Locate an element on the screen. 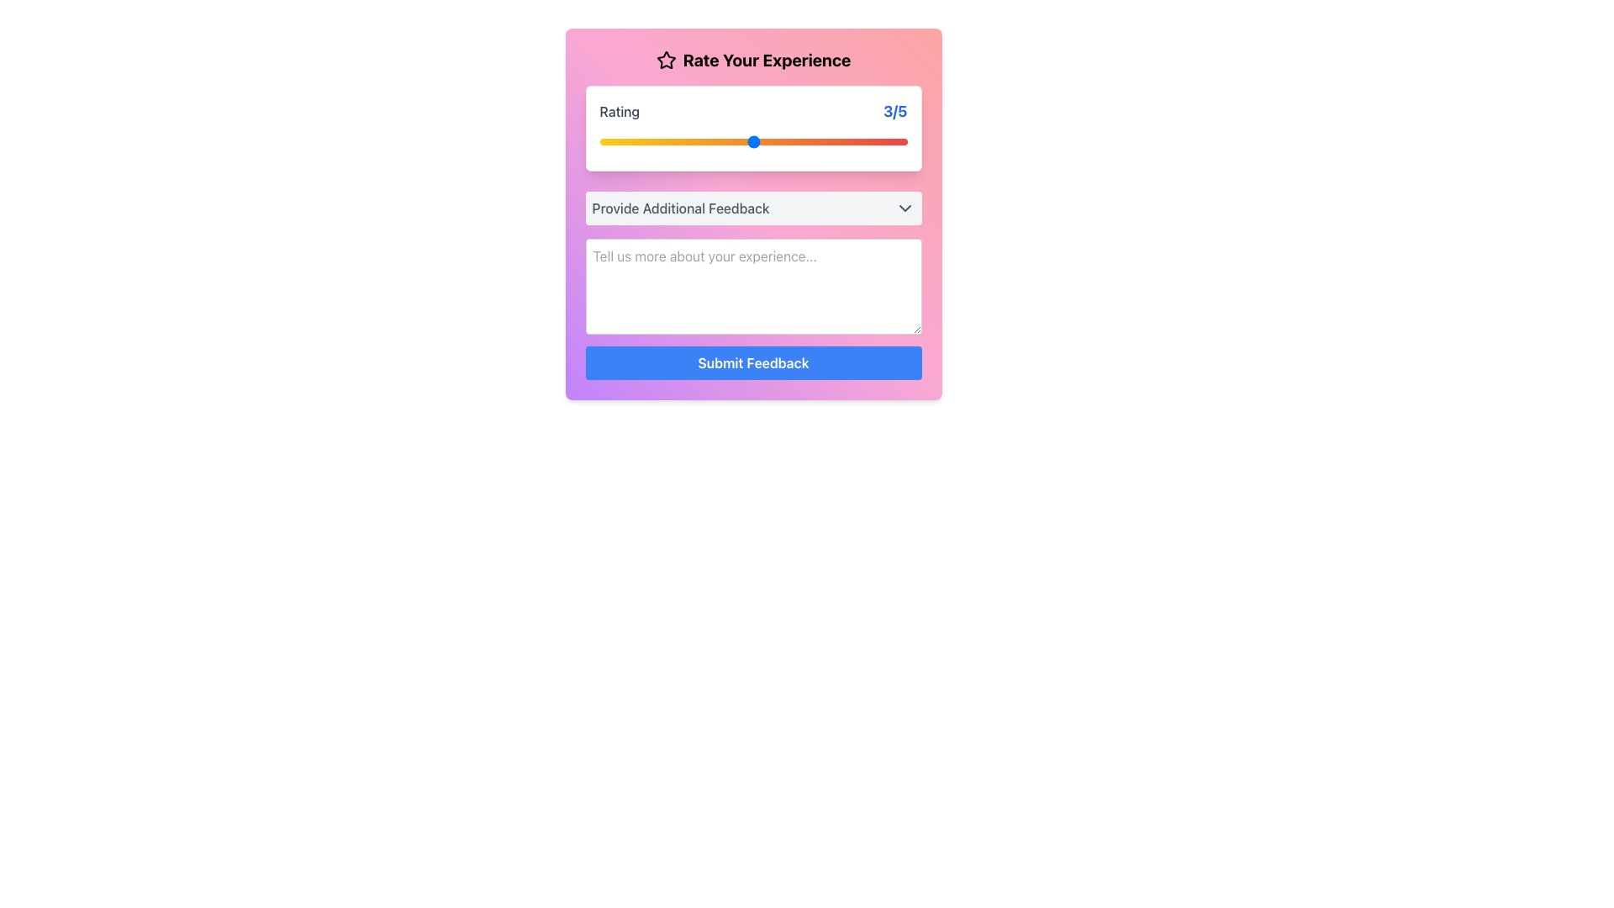 This screenshot has height=908, width=1614. the slider is located at coordinates (677, 141).